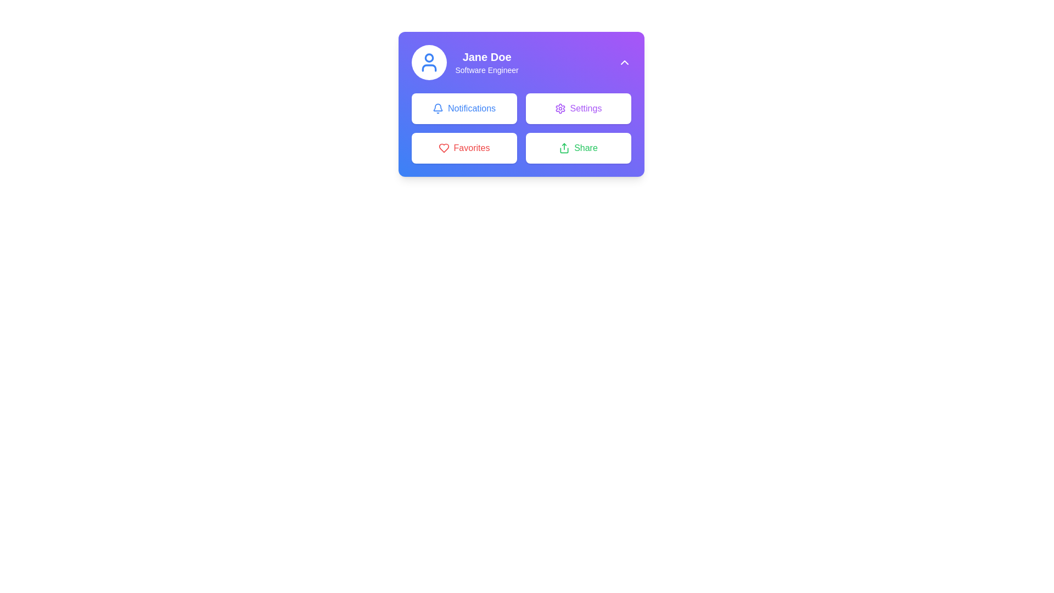 The image size is (1054, 593). What do you see at coordinates (437, 108) in the screenshot?
I see `the notification icon located within the 'Notifications' button of the card section, positioned at the top-left of a group of four buttons` at bounding box center [437, 108].